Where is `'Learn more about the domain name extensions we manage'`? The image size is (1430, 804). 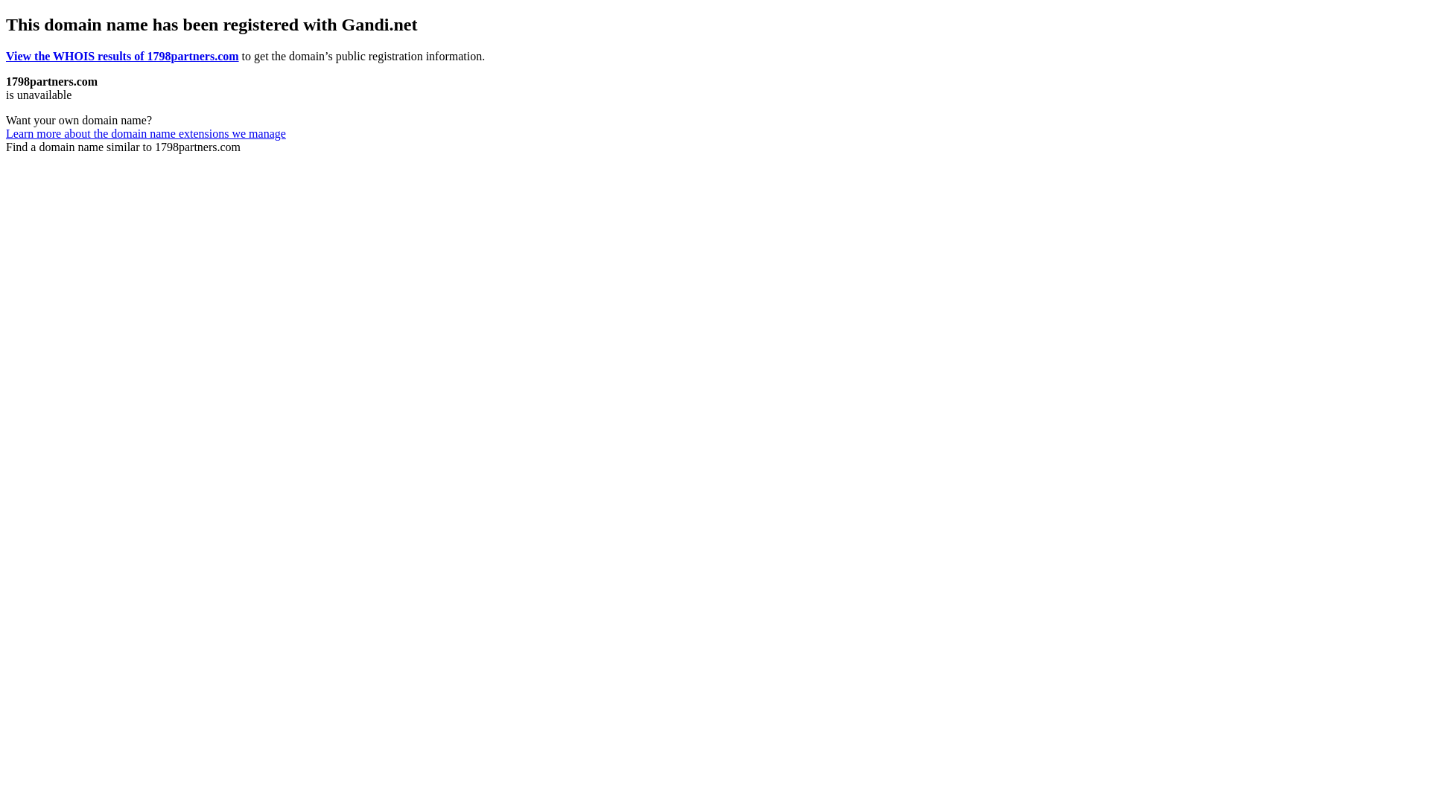
'Learn more about the domain name extensions we manage' is located at coordinates (146, 133).